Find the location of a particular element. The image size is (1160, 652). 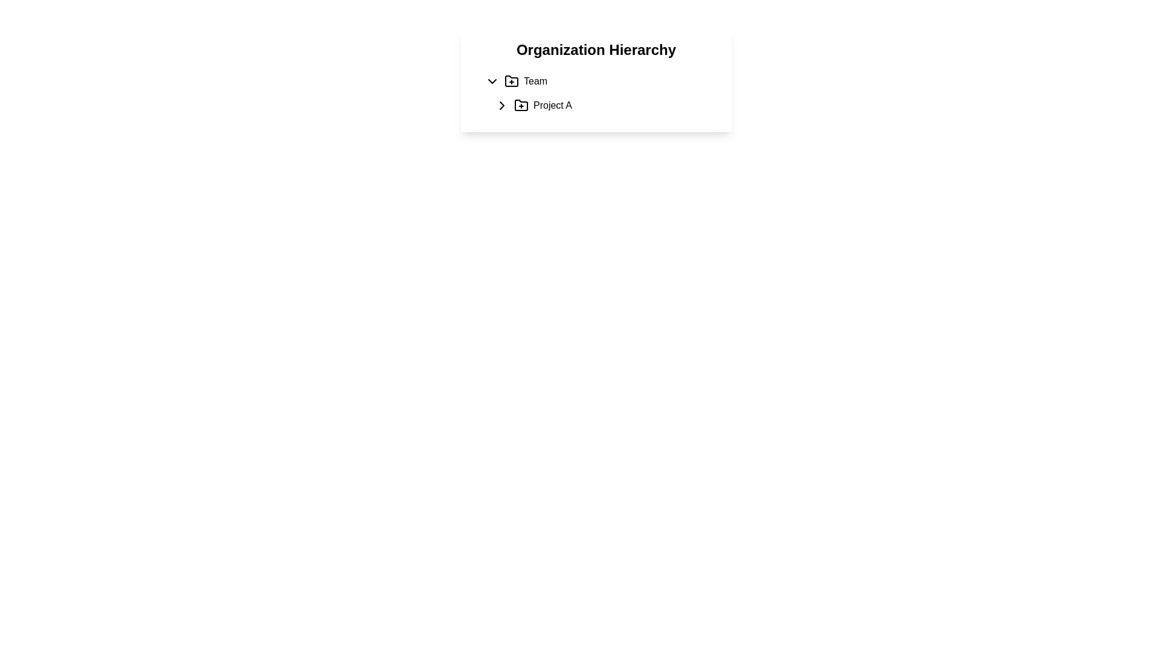

the Icon (Chevron Right) located in the tree hierarchy panel under 'Project A' is located at coordinates (501, 104).